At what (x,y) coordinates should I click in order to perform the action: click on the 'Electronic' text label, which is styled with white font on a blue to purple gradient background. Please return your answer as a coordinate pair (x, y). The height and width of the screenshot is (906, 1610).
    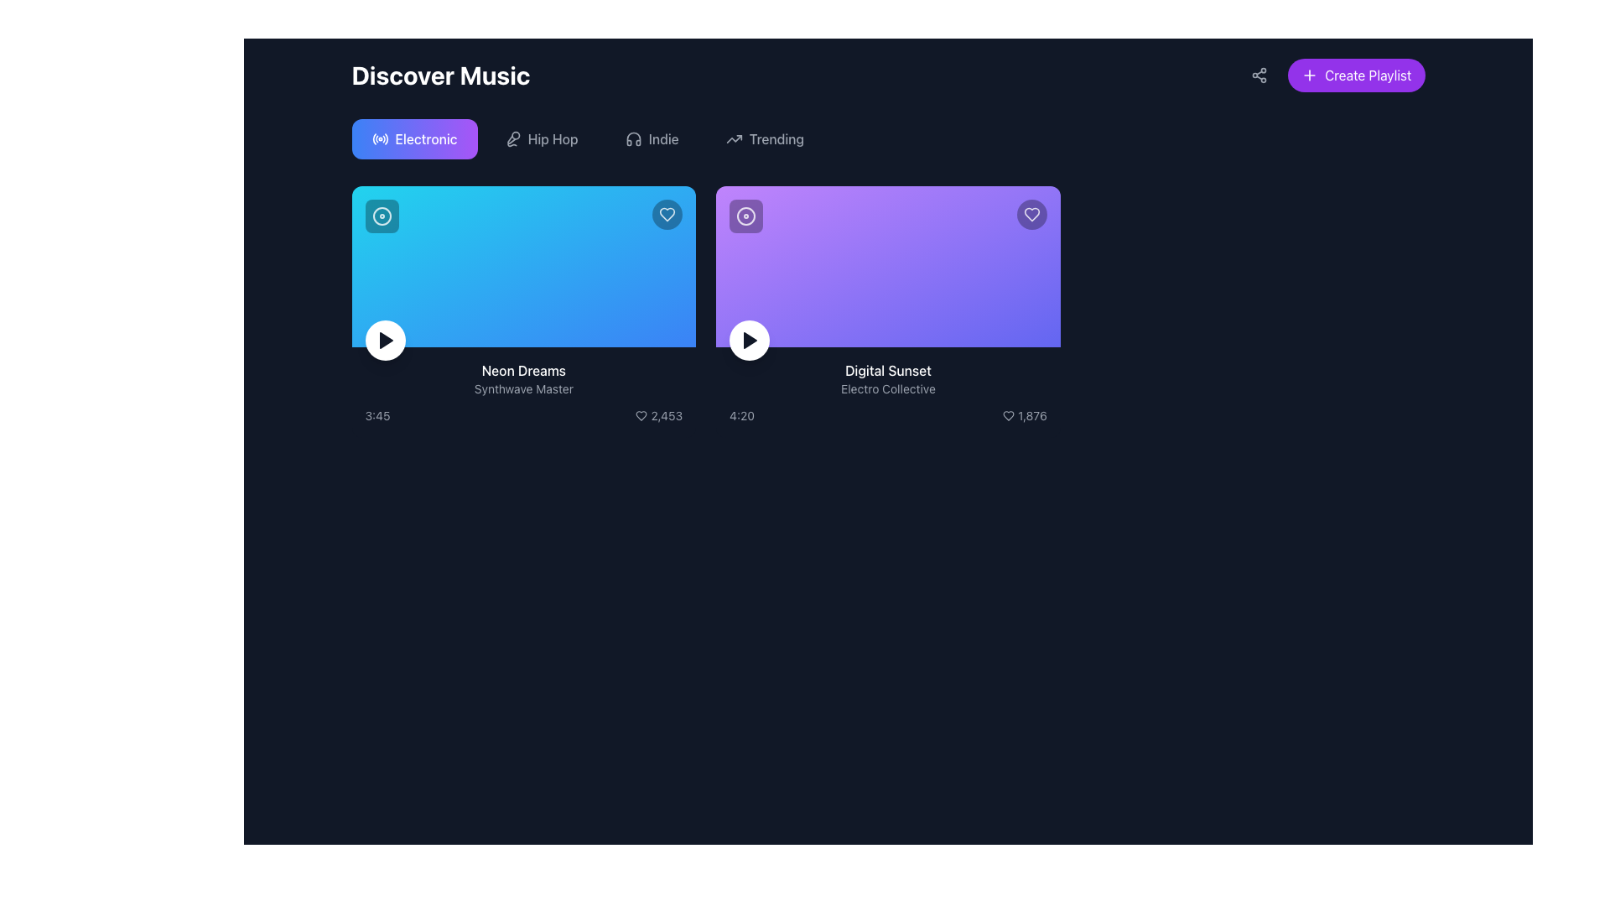
    Looking at the image, I should click on (426, 138).